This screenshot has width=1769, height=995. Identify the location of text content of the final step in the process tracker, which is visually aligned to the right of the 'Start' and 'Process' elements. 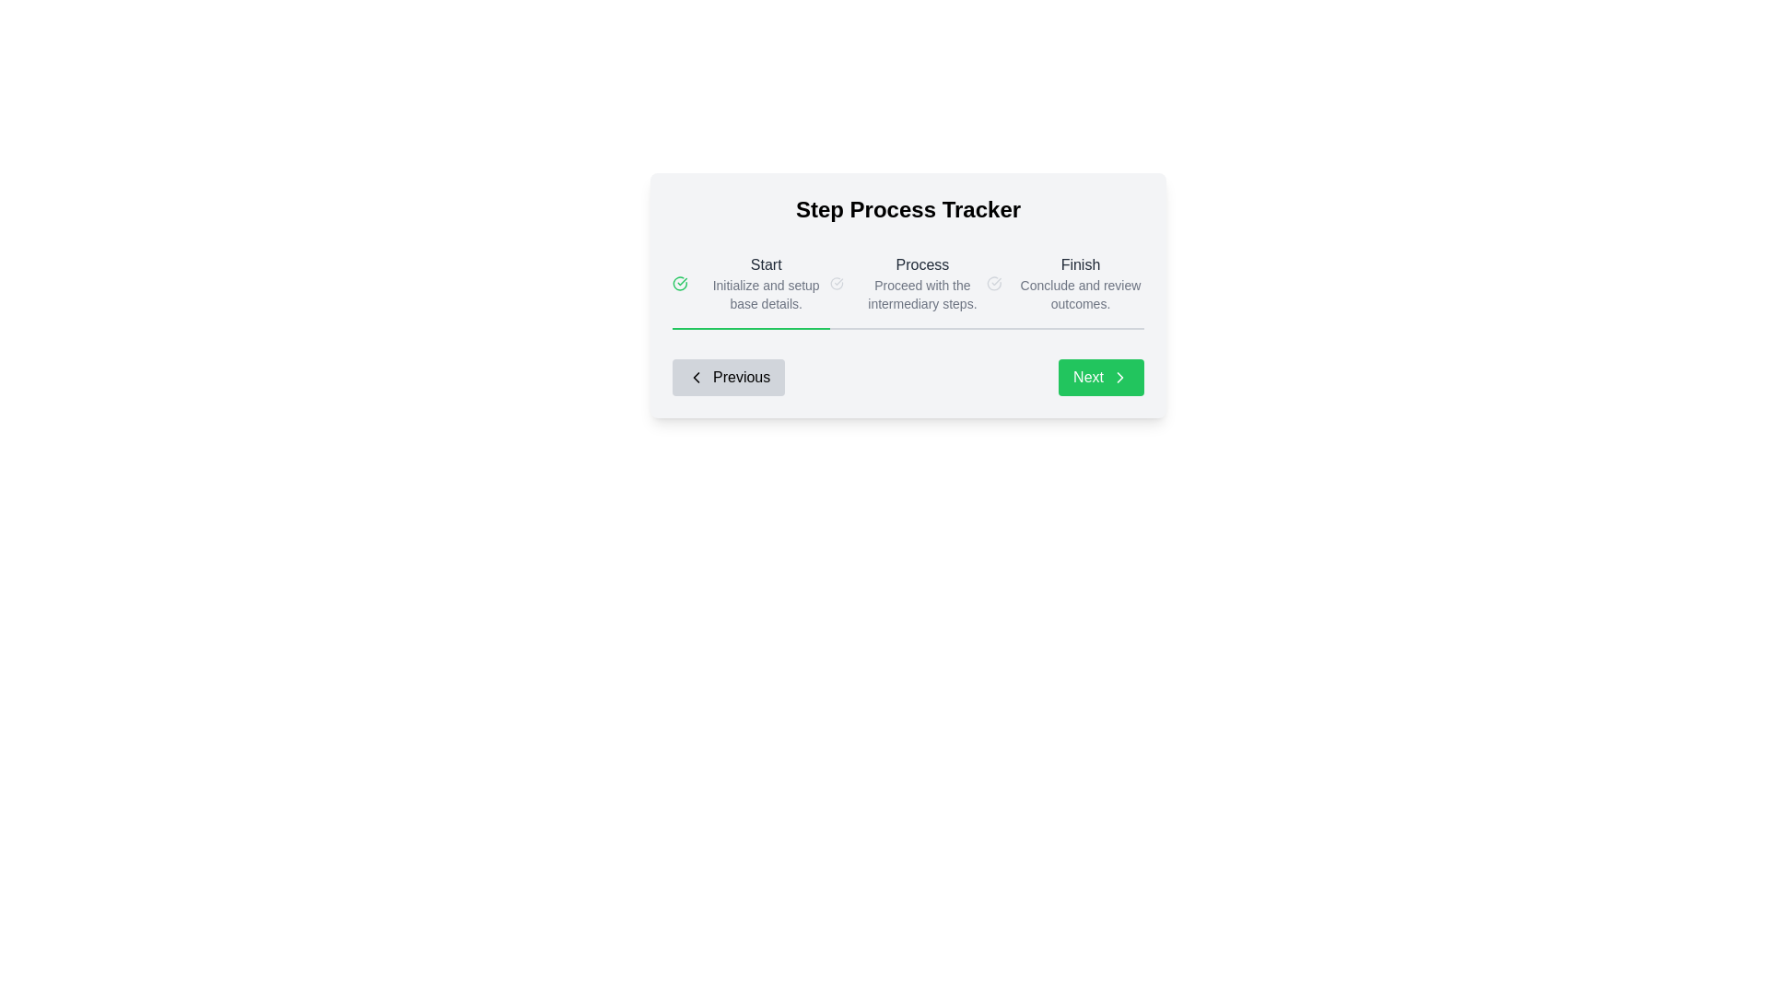
(1080, 284).